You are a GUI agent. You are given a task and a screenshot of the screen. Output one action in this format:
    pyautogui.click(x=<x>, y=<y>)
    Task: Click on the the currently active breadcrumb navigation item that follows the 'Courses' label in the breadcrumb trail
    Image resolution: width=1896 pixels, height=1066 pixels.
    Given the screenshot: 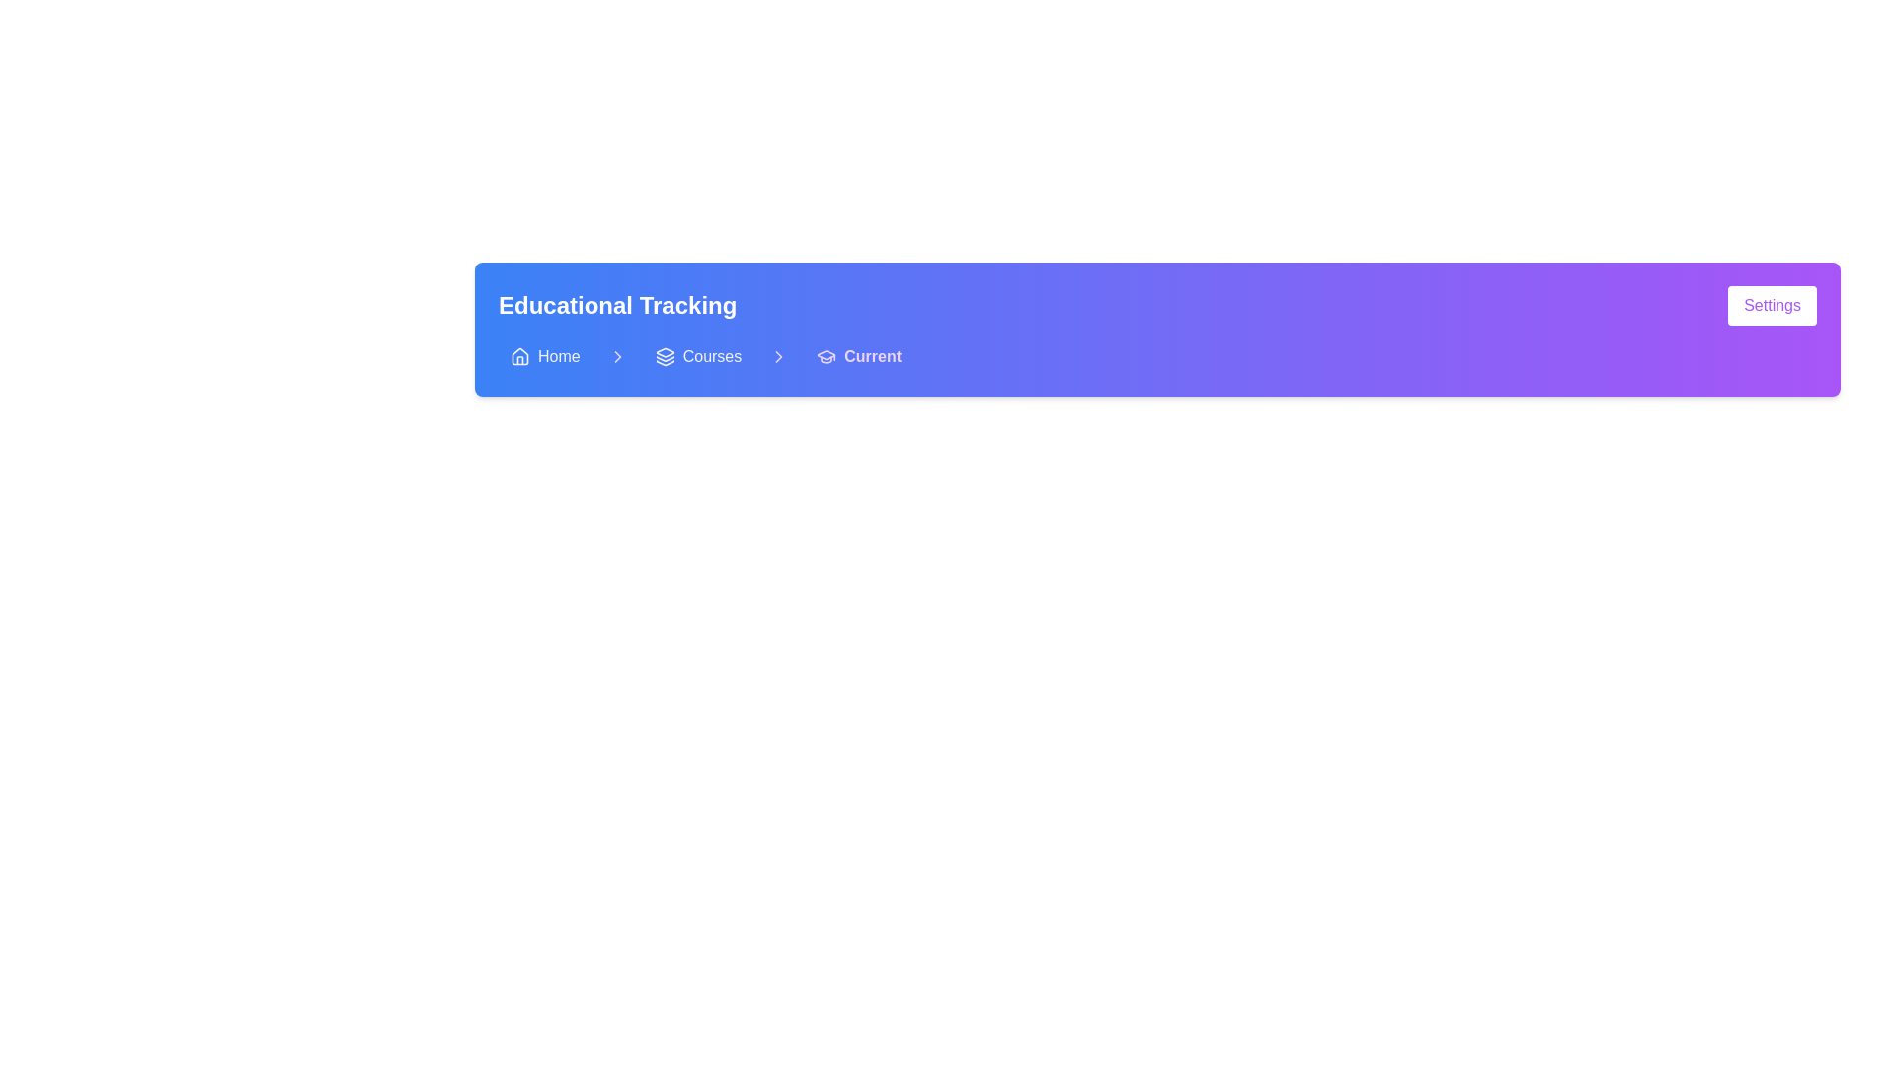 What is the action you would take?
    pyautogui.click(x=859, y=357)
    